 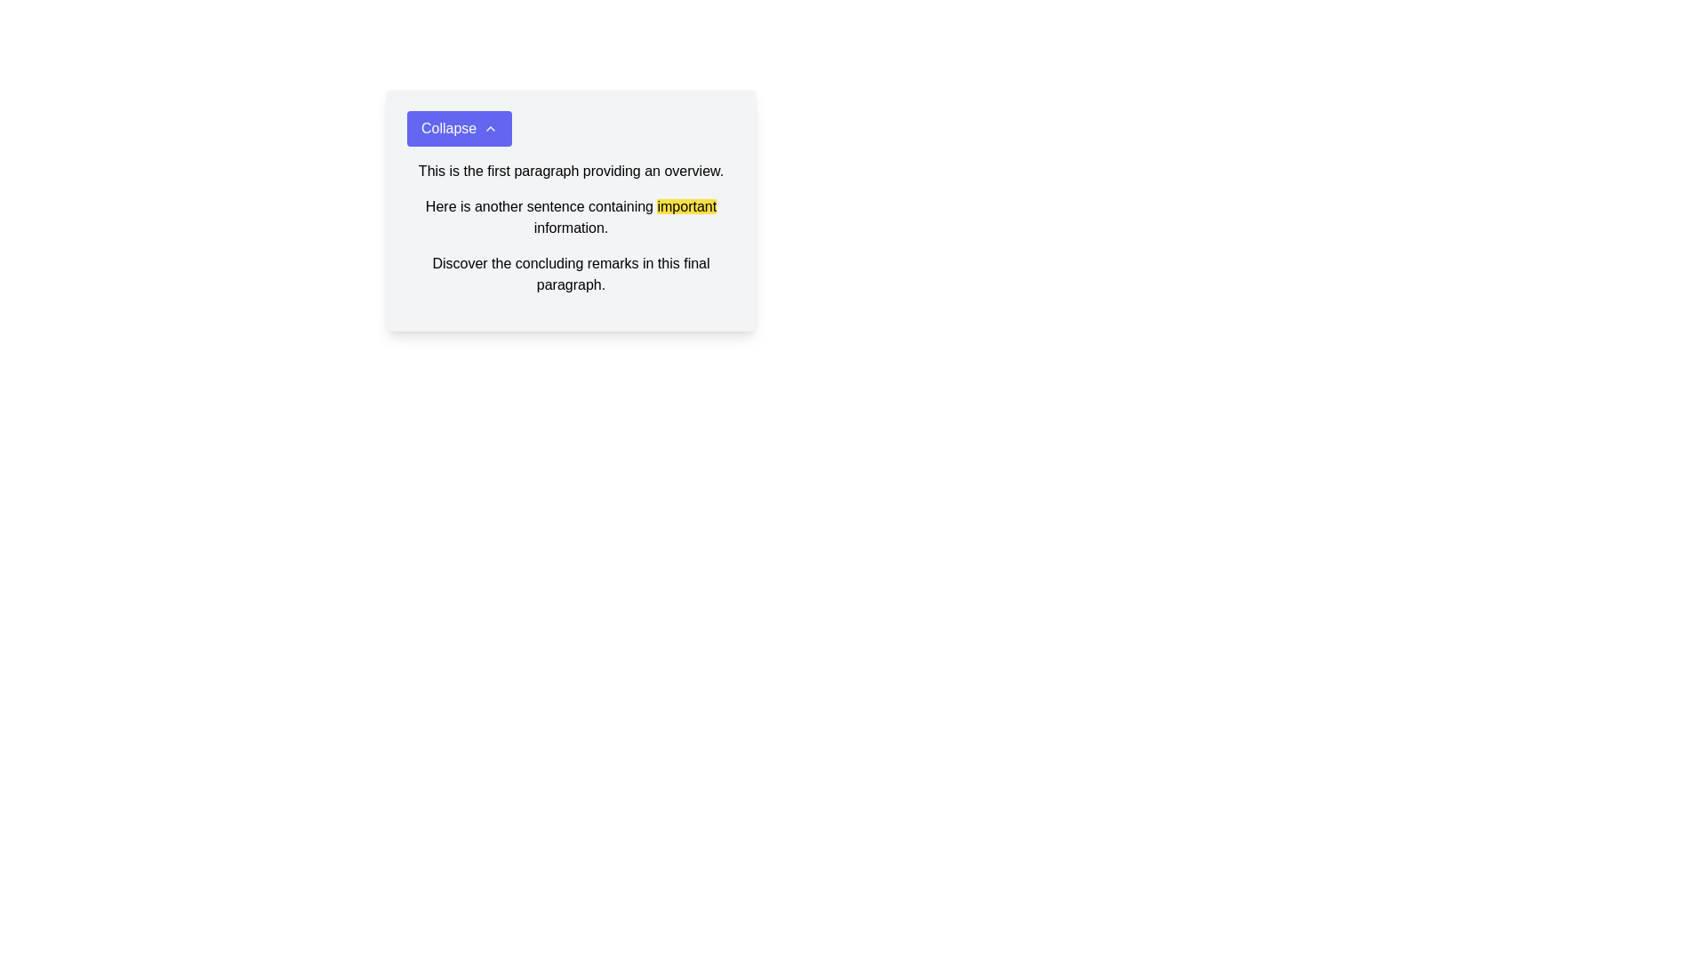 What do you see at coordinates (460, 128) in the screenshot?
I see `the 'Collapse' button with a blue background and upward pointing chevron icon` at bounding box center [460, 128].